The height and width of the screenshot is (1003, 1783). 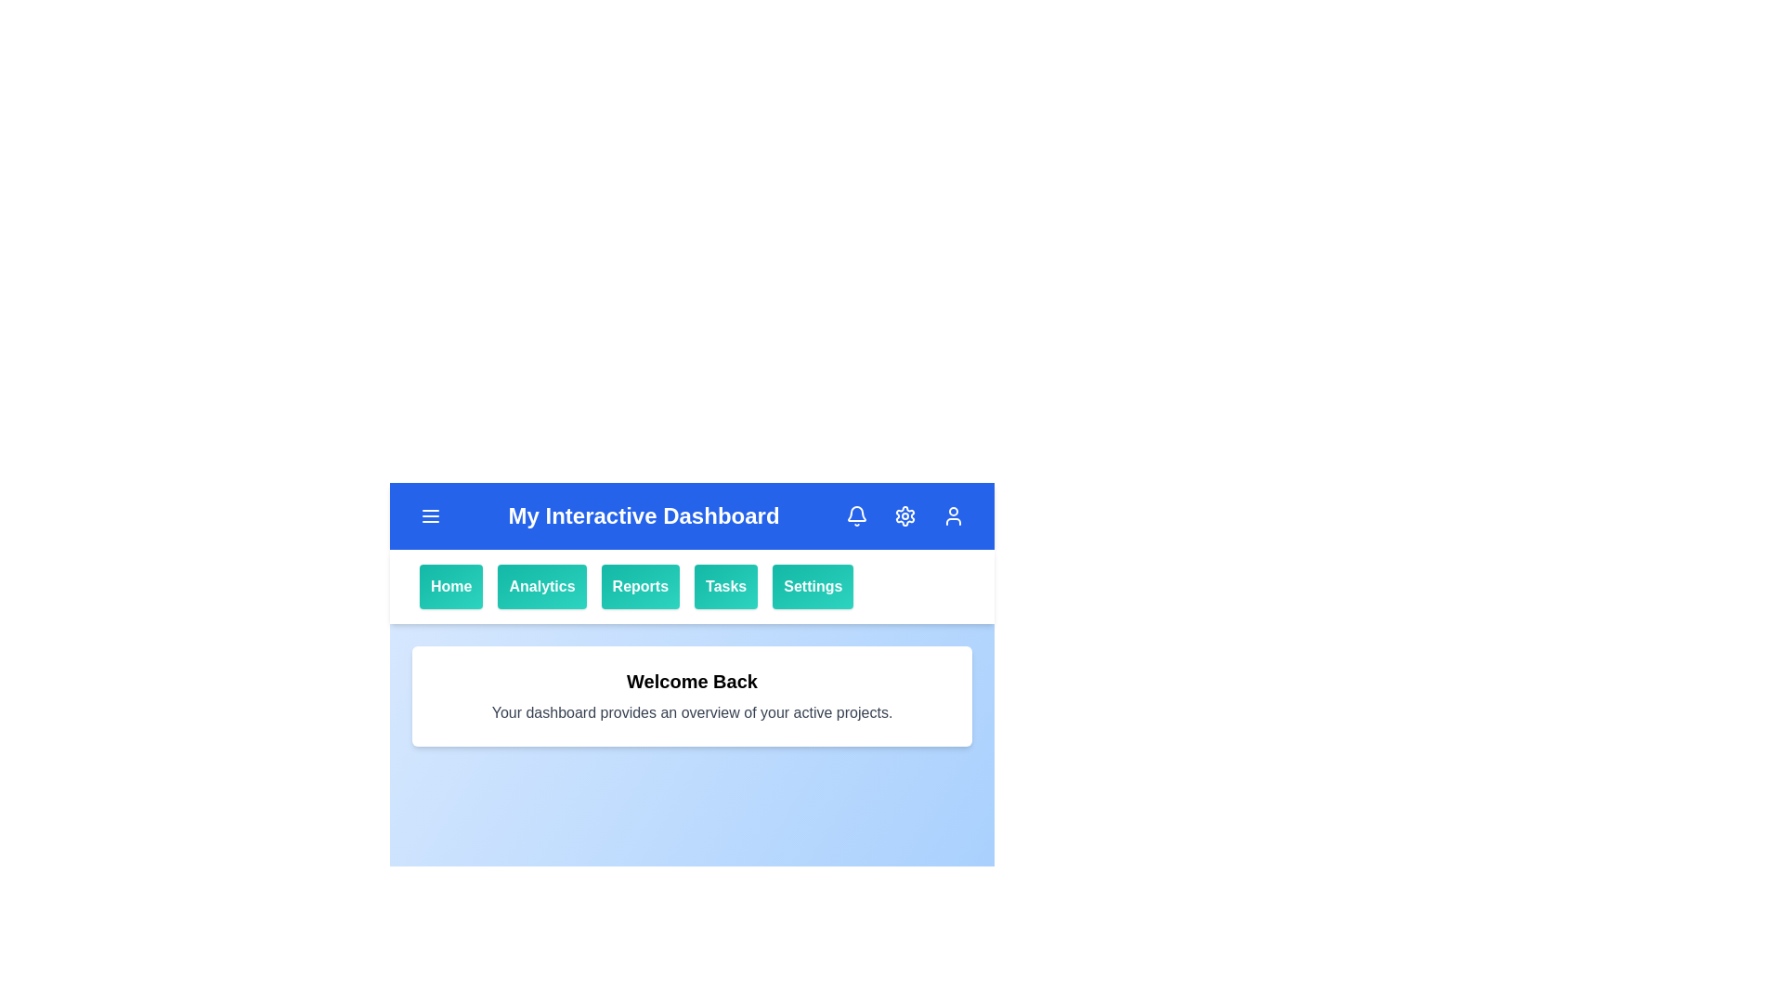 What do you see at coordinates (905, 515) in the screenshot?
I see `the settings icon in the top-right corner of the app bar` at bounding box center [905, 515].